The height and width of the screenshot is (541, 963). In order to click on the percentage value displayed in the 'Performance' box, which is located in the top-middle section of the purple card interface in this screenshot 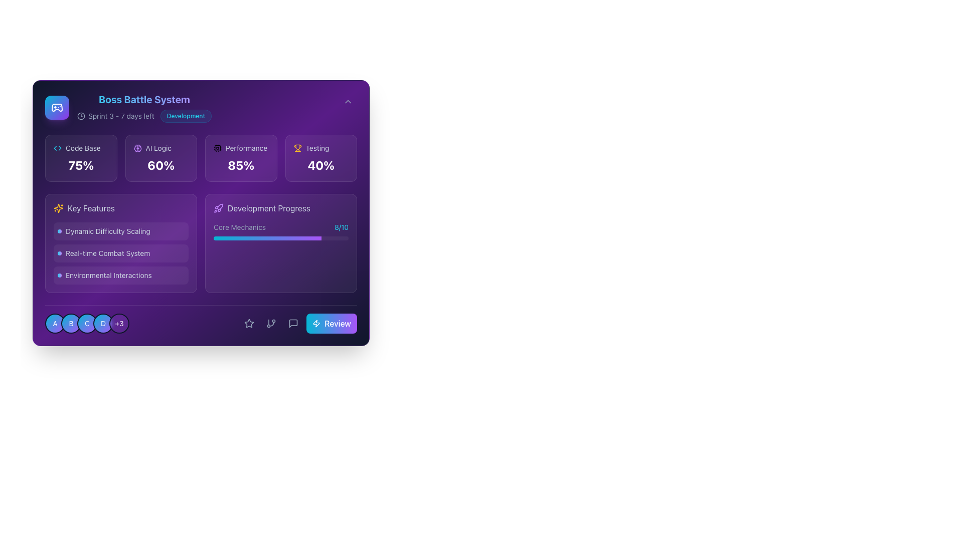, I will do `click(241, 165)`.